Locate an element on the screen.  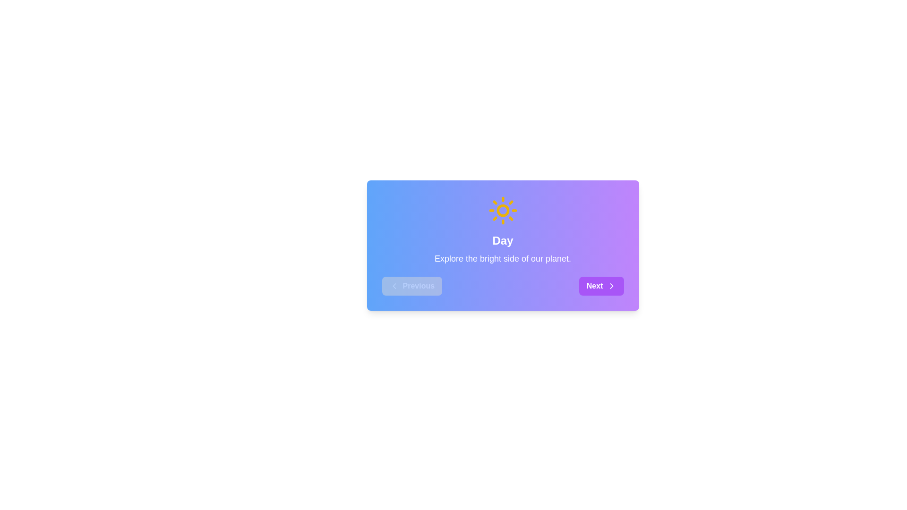
the 'Next' button icon located at the bottom-right of the card to move to the next step in the sequence is located at coordinates (611, 285).